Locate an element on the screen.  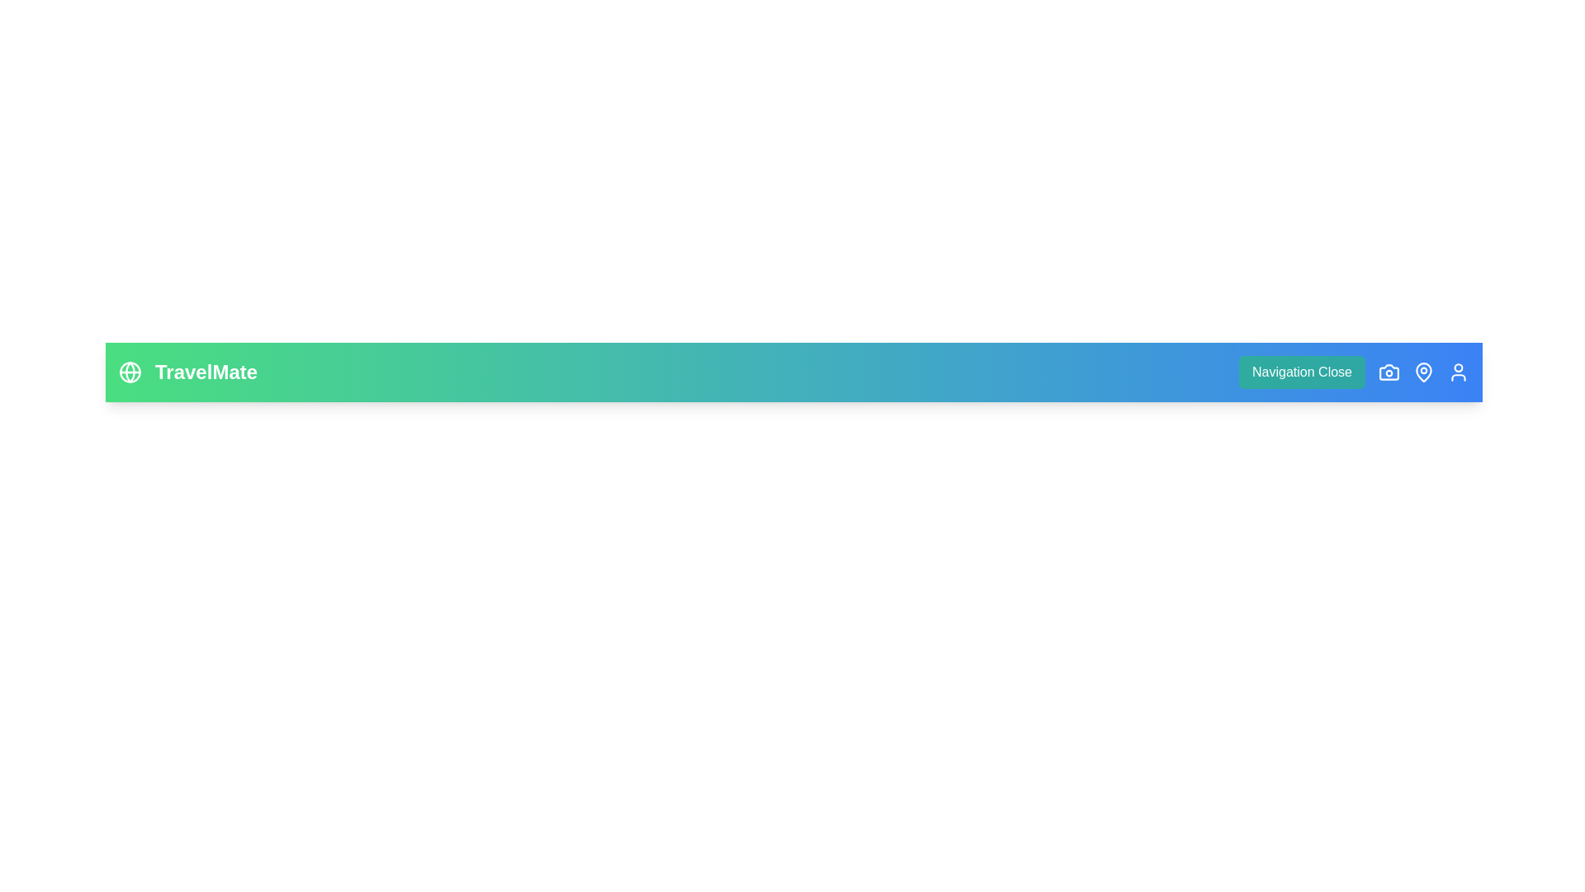
the Camera icon to observe its hover effect is located at coordinates (1389, 372).